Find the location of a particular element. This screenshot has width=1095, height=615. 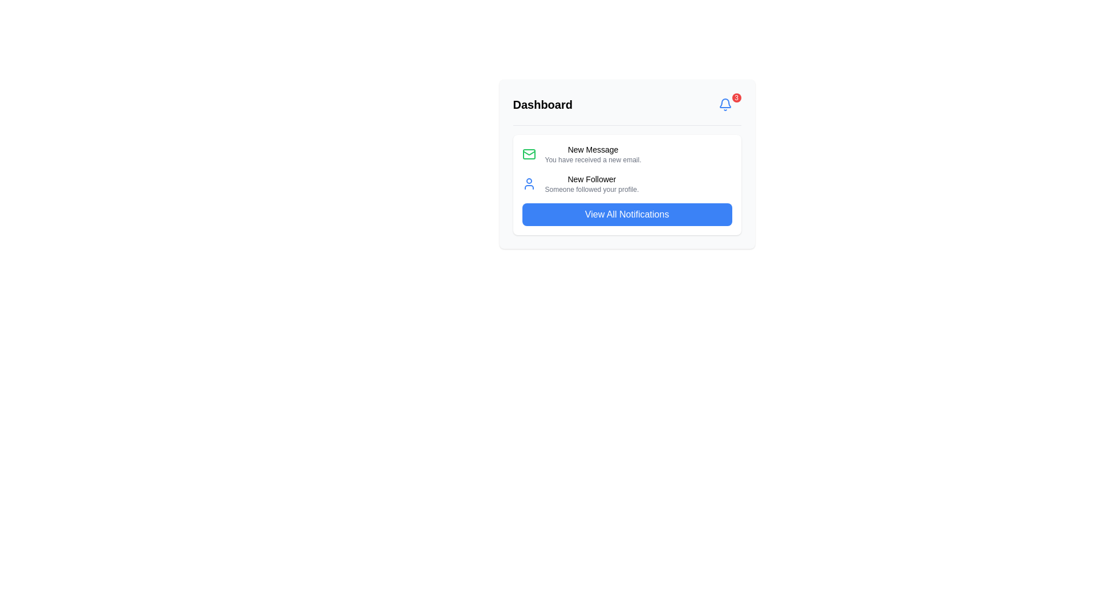

the 'New Follower' text component in the notification section is located at coordinates (591, 183).